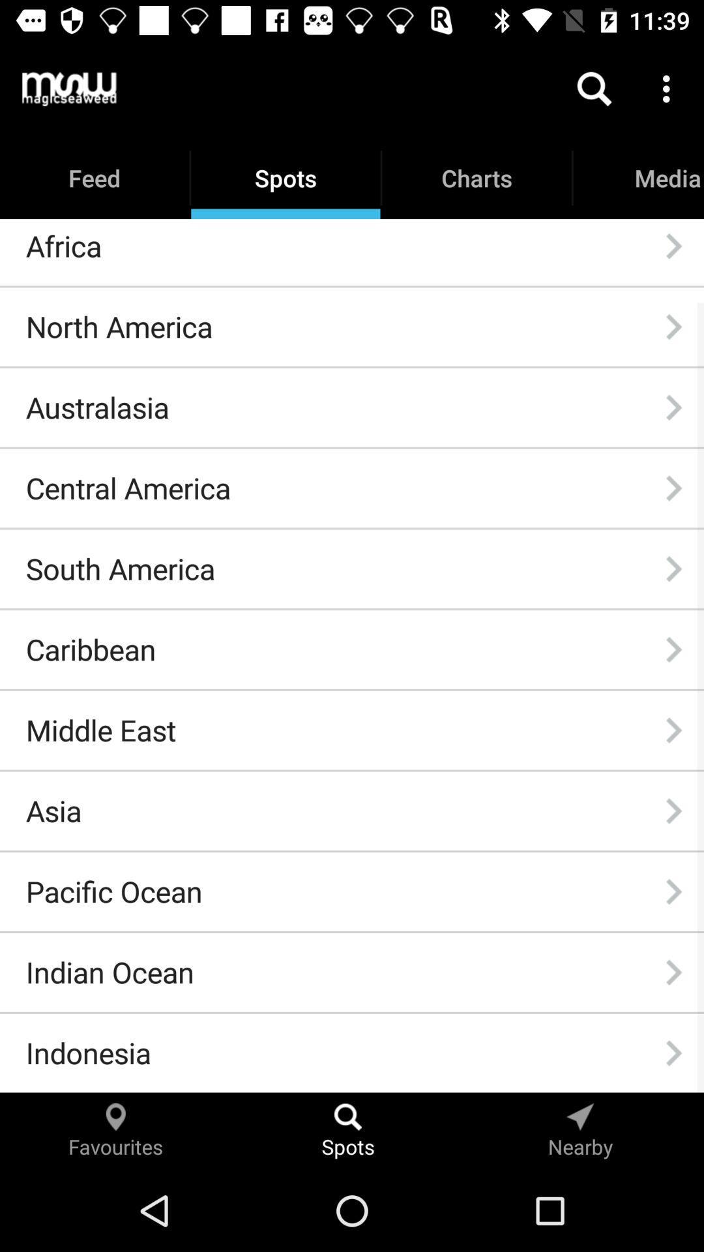 This screenshot has height=1252, width=704. What do you see at coordinates (69, 88) in the screenshot?
I see `the item to the left of spots item` at bounding box center [69, 88].